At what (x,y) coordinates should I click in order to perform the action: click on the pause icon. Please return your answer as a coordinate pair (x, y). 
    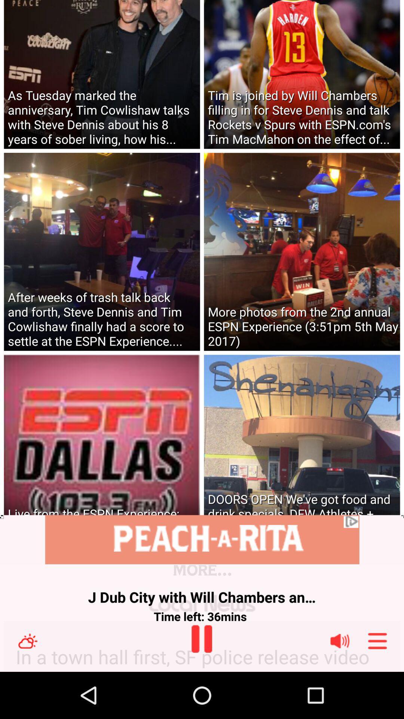
    Looking at the image, I should click on (201, 684).